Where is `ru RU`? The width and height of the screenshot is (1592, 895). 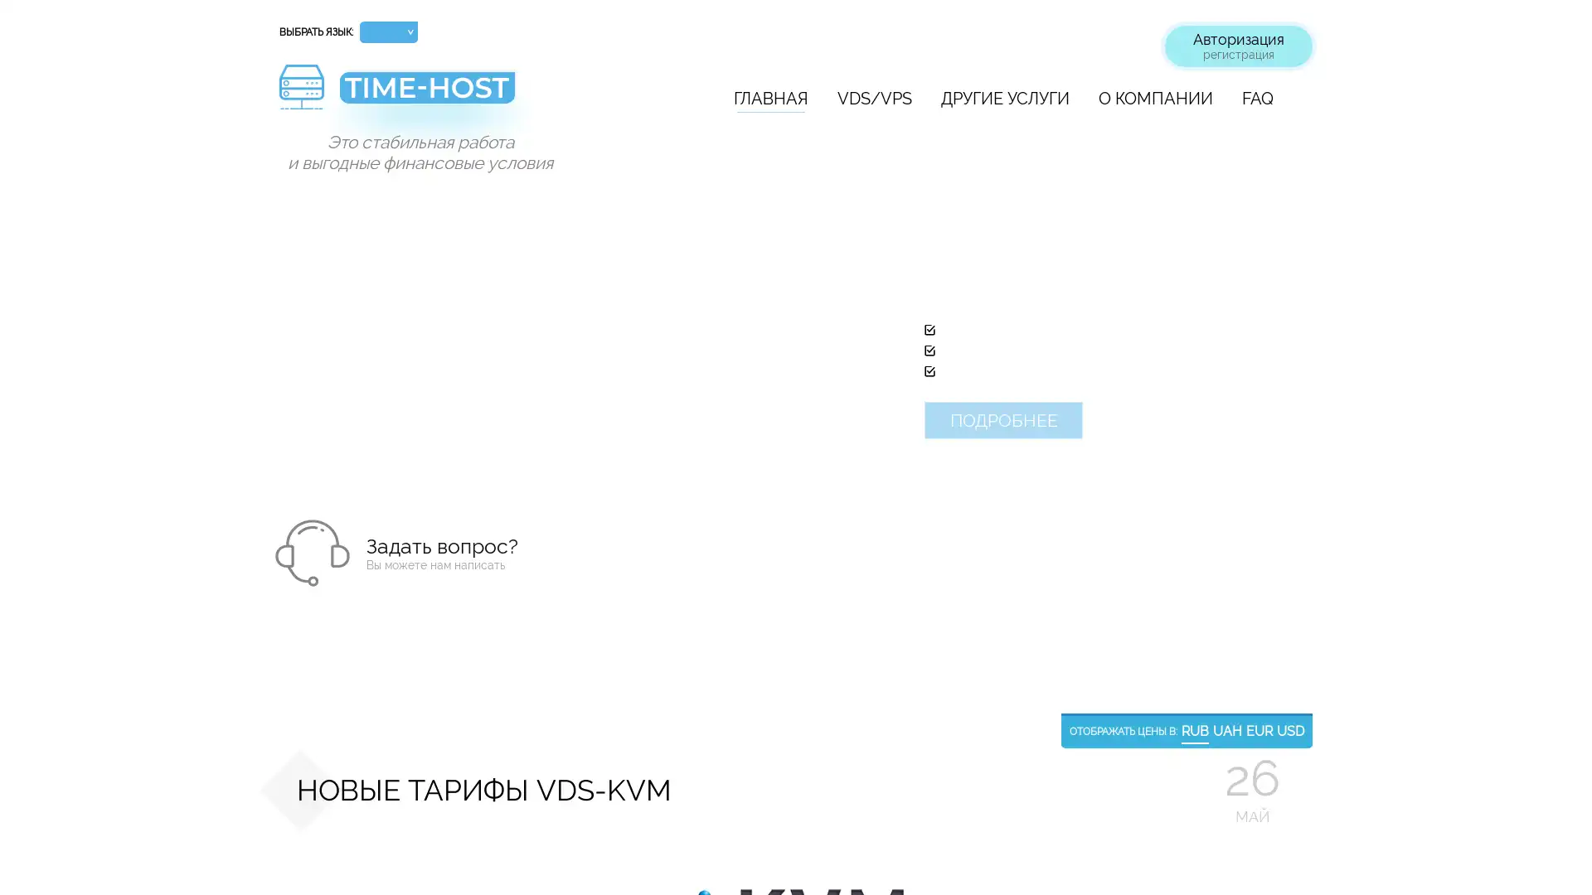 ru RU is located at coordinates (388, 53).